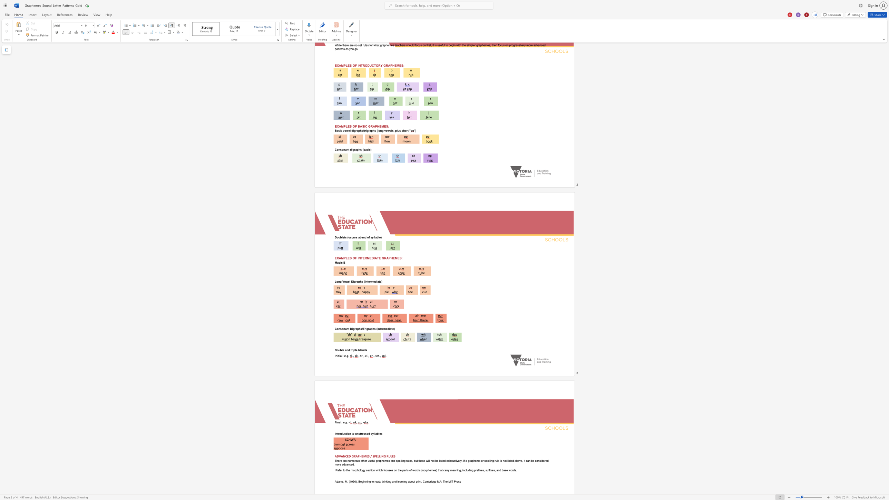 The height and width of the screenshot is (500, 889). I want to click on the space between the continuous character "a" and "b" in the text, so click(410, 481).